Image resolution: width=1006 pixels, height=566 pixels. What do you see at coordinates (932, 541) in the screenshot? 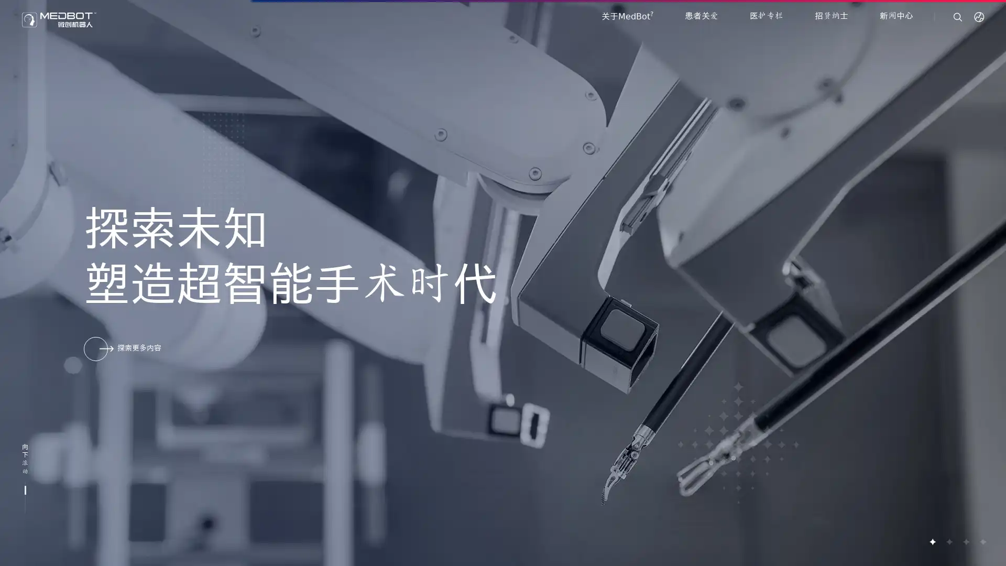
I see `Go to slide 1` at bounding box center [932, 541].